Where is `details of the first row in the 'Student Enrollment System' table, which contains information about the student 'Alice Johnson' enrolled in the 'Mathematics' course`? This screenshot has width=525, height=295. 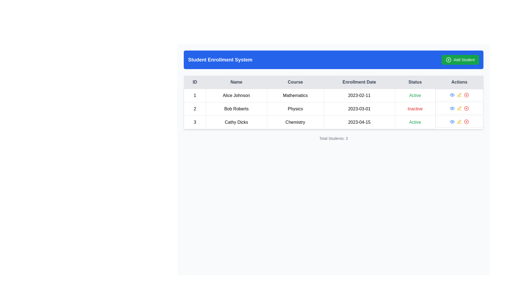 details of the first row in the 'Student Enrollment System' table, which contains information about the student 'Alice Johnson' enrolled in the 'Mathematics' course is located at coordinates (333, 95).